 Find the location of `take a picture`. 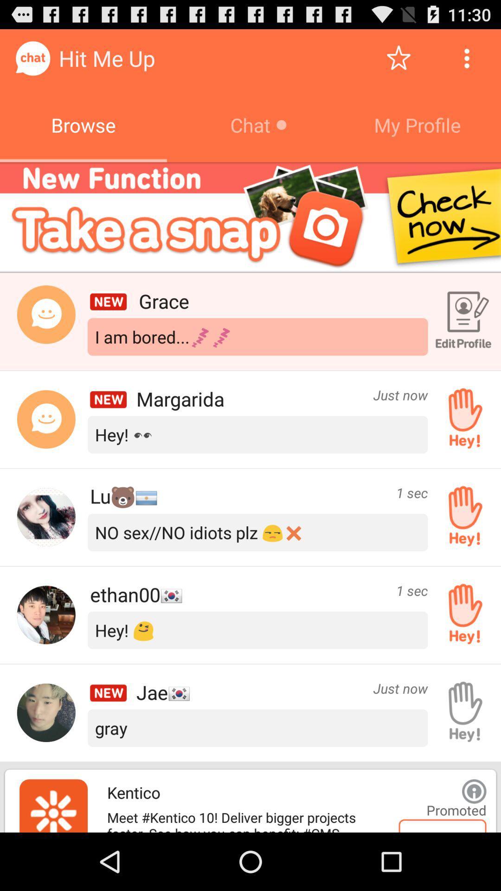

take a picture is located at coordinates (250, 217).